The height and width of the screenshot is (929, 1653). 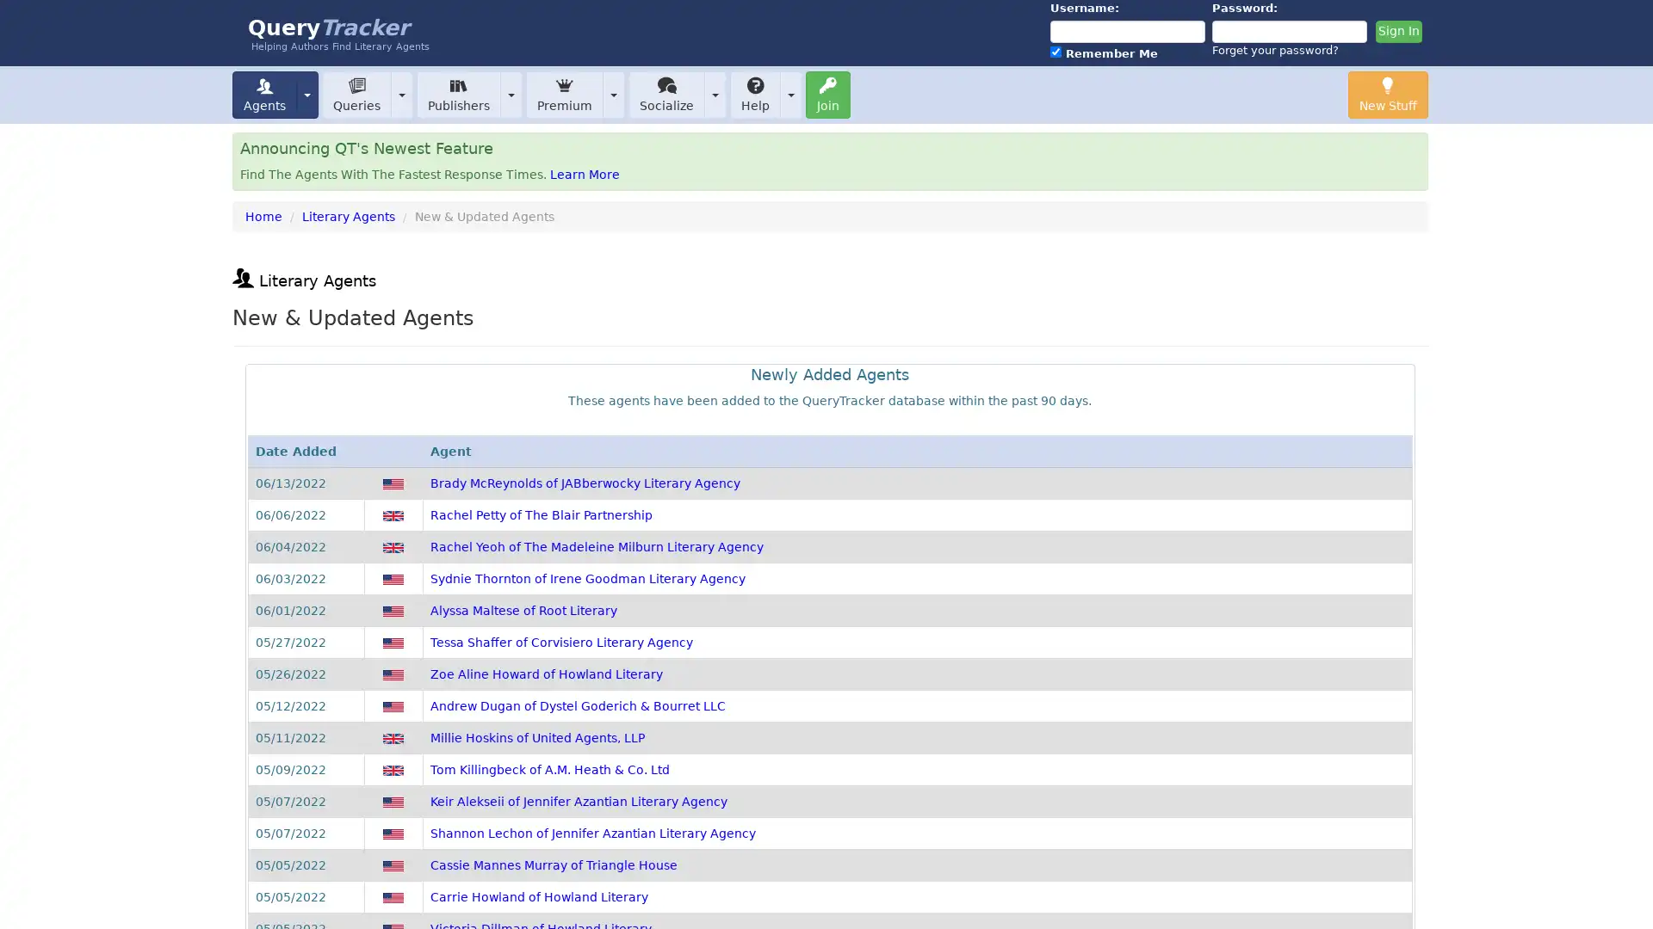 What do you see at coordinates (715, 94) in the screenshot?
I see `Toggle Dropdown` at bounding box center [715, 94].